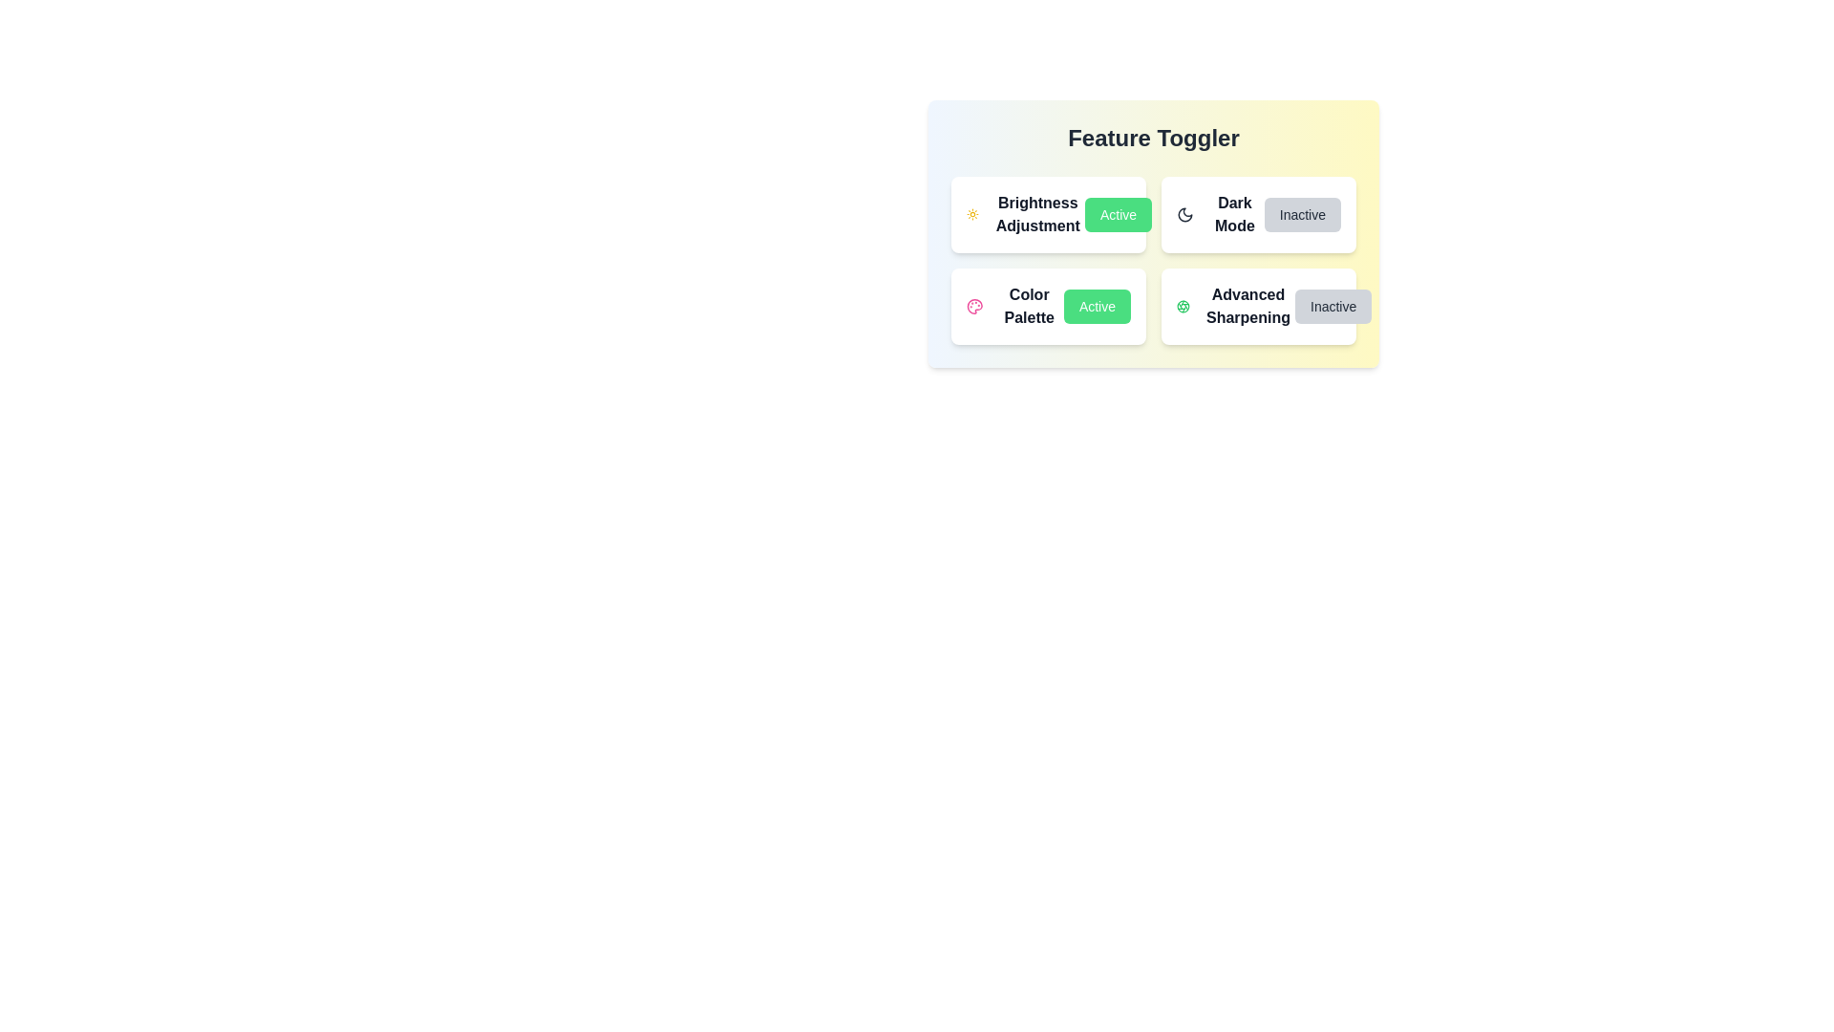 Image resolution: width=1834 pixels, height=1032 pixels. What do you see at coordinates (1333, 305) in the screenshot?
I see `button corresponding to the feature Advanced Sharpening to toggle its state` at bounding box center [1333, 305].